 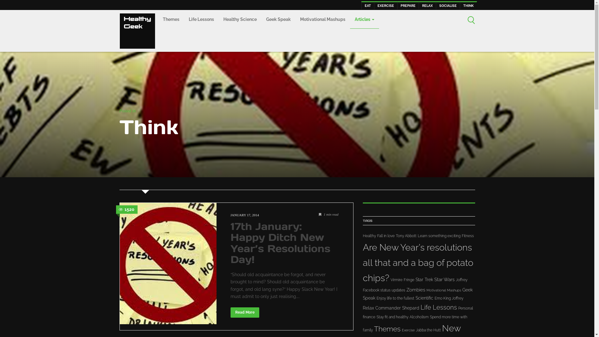 What do you see at coordinates (427, 5) in the screenshot?
I see `'RELAX'` at bounding box center [427, 5].